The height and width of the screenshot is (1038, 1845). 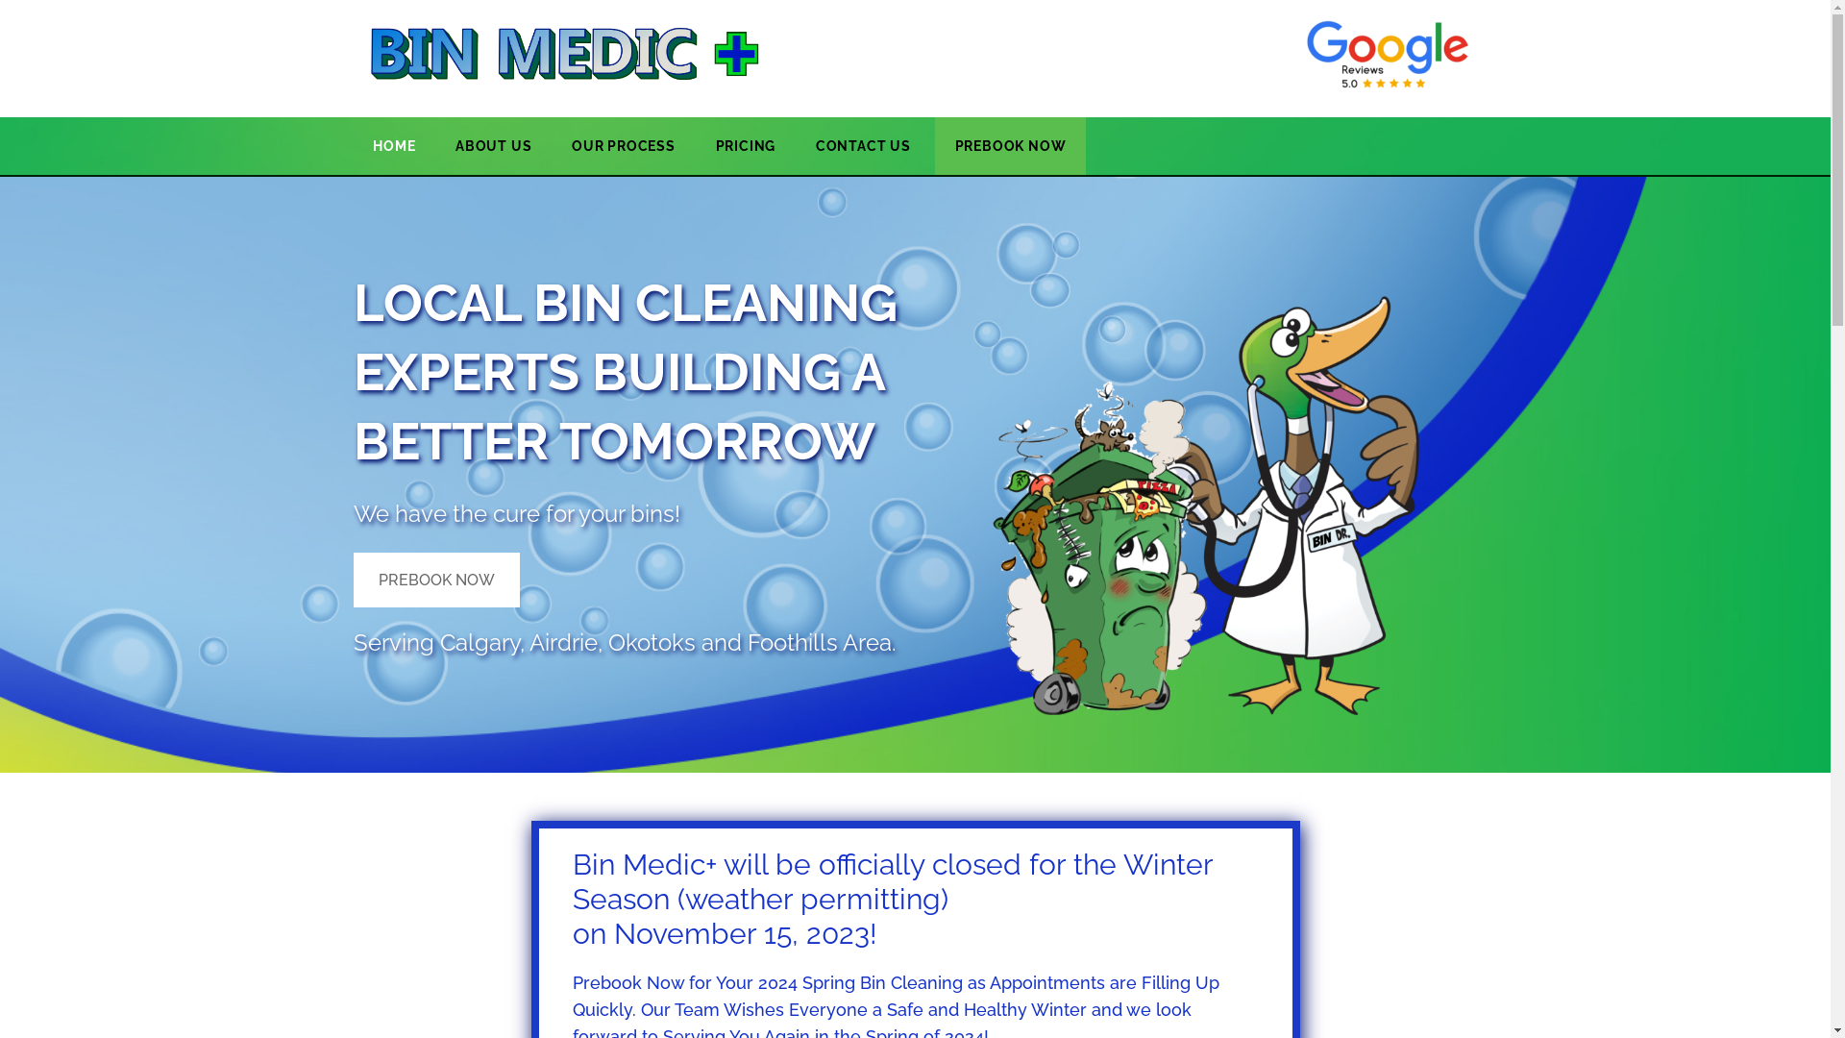 I want to click on 'ABOUT US', so click(x=493, y=144).